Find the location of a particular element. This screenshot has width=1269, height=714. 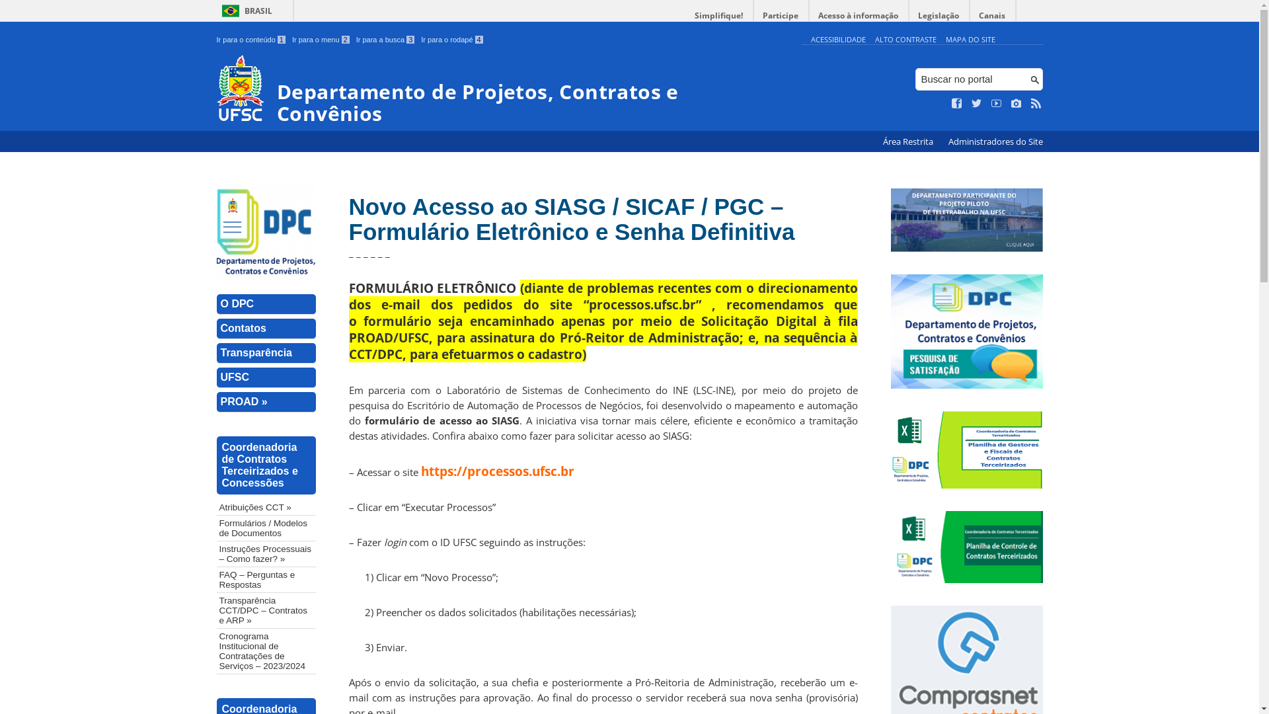

'Siga no Twitter' is located at coordinates (977, 103).